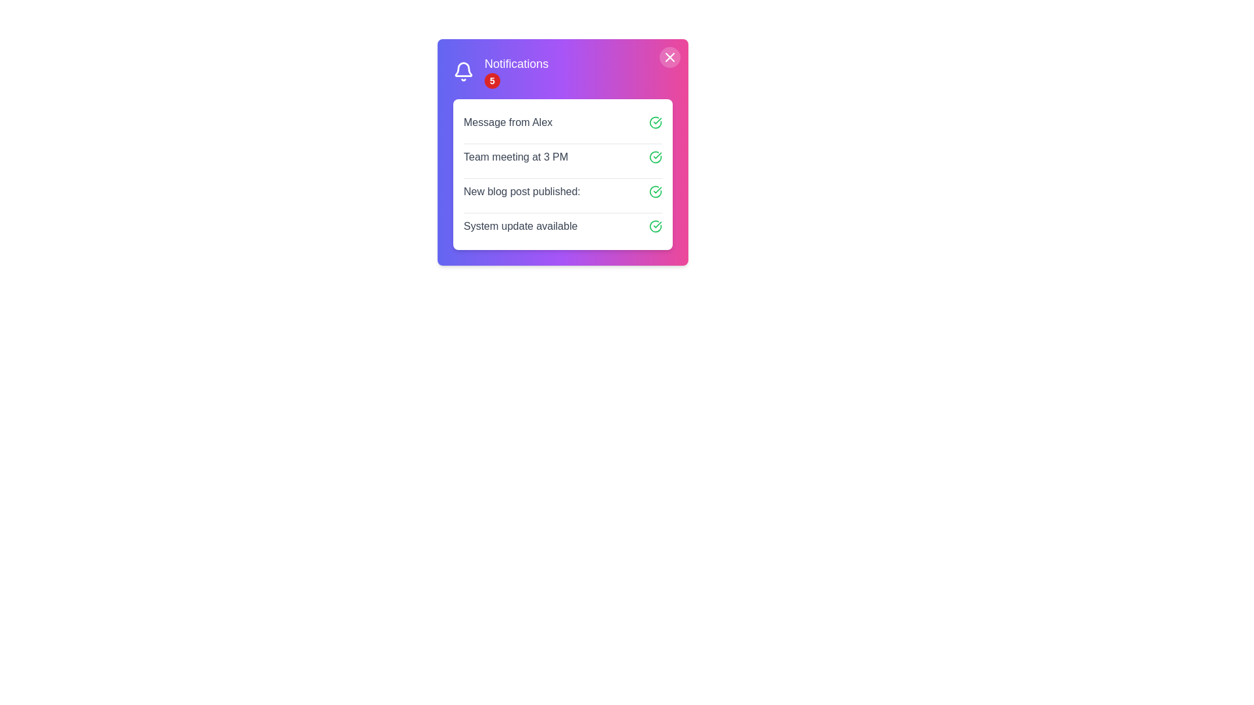 This screenshot has width=1254, height=705. I want to click on the circular green icon with a checkmark, which is positioned to the right of the text 'Message from Alex' in the first notification entry, so click(655, 123).